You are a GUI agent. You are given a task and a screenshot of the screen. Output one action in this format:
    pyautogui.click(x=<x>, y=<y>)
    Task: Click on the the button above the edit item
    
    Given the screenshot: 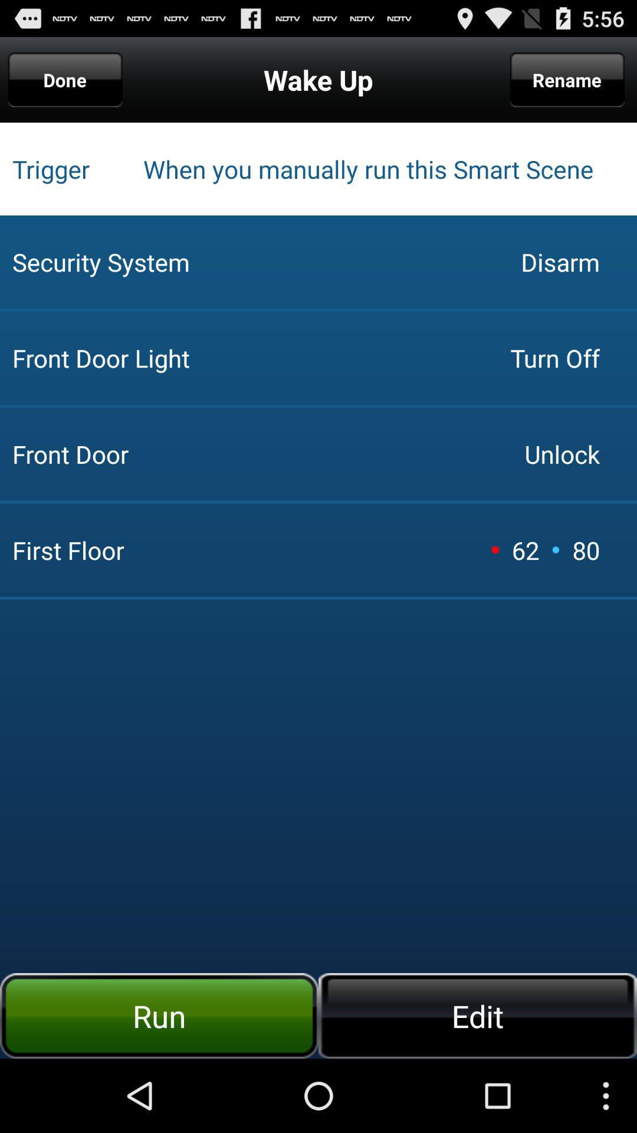 What is the action you would take?
    pyautogui.click(x=495, y=549)
    